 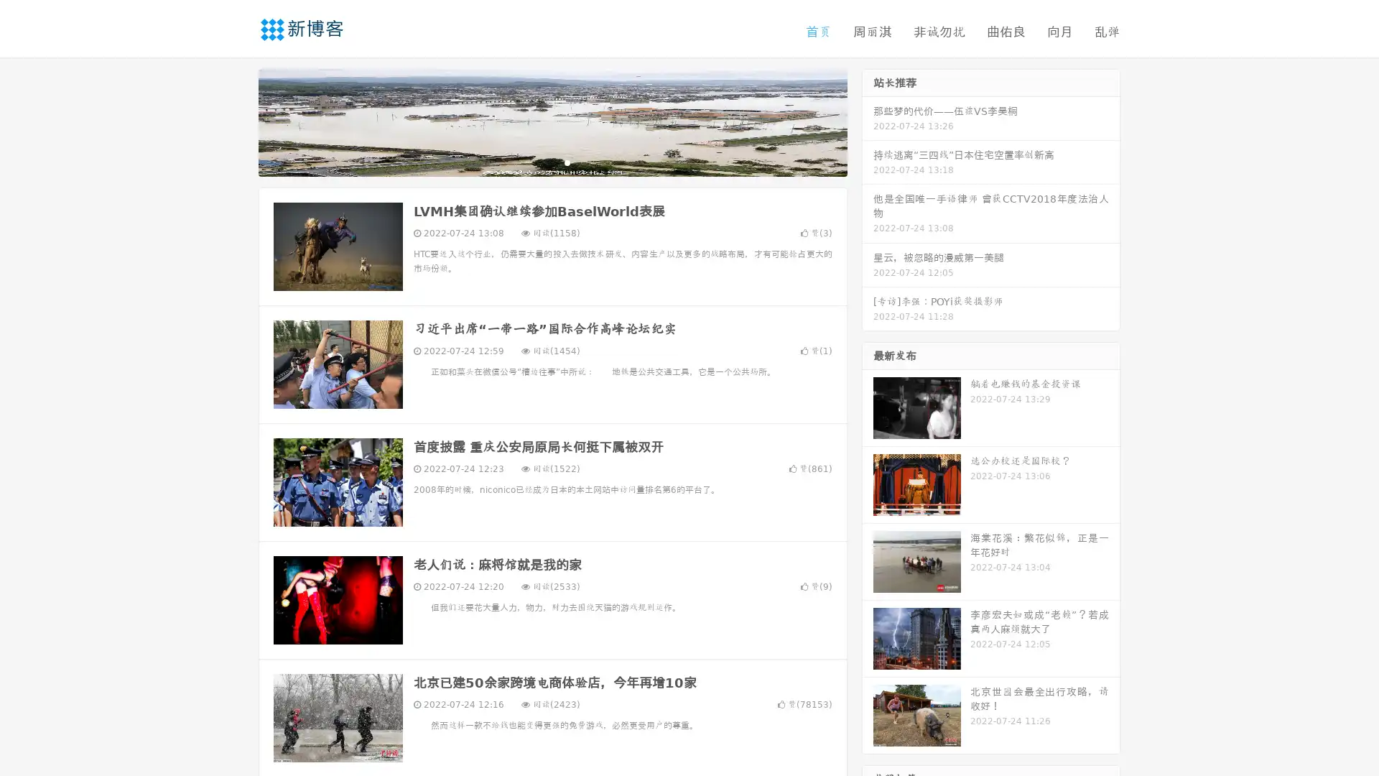 What do you see at coordinates (868, 121) in the screenshot?
I see `Next slide` at bounding box center [868, 121].